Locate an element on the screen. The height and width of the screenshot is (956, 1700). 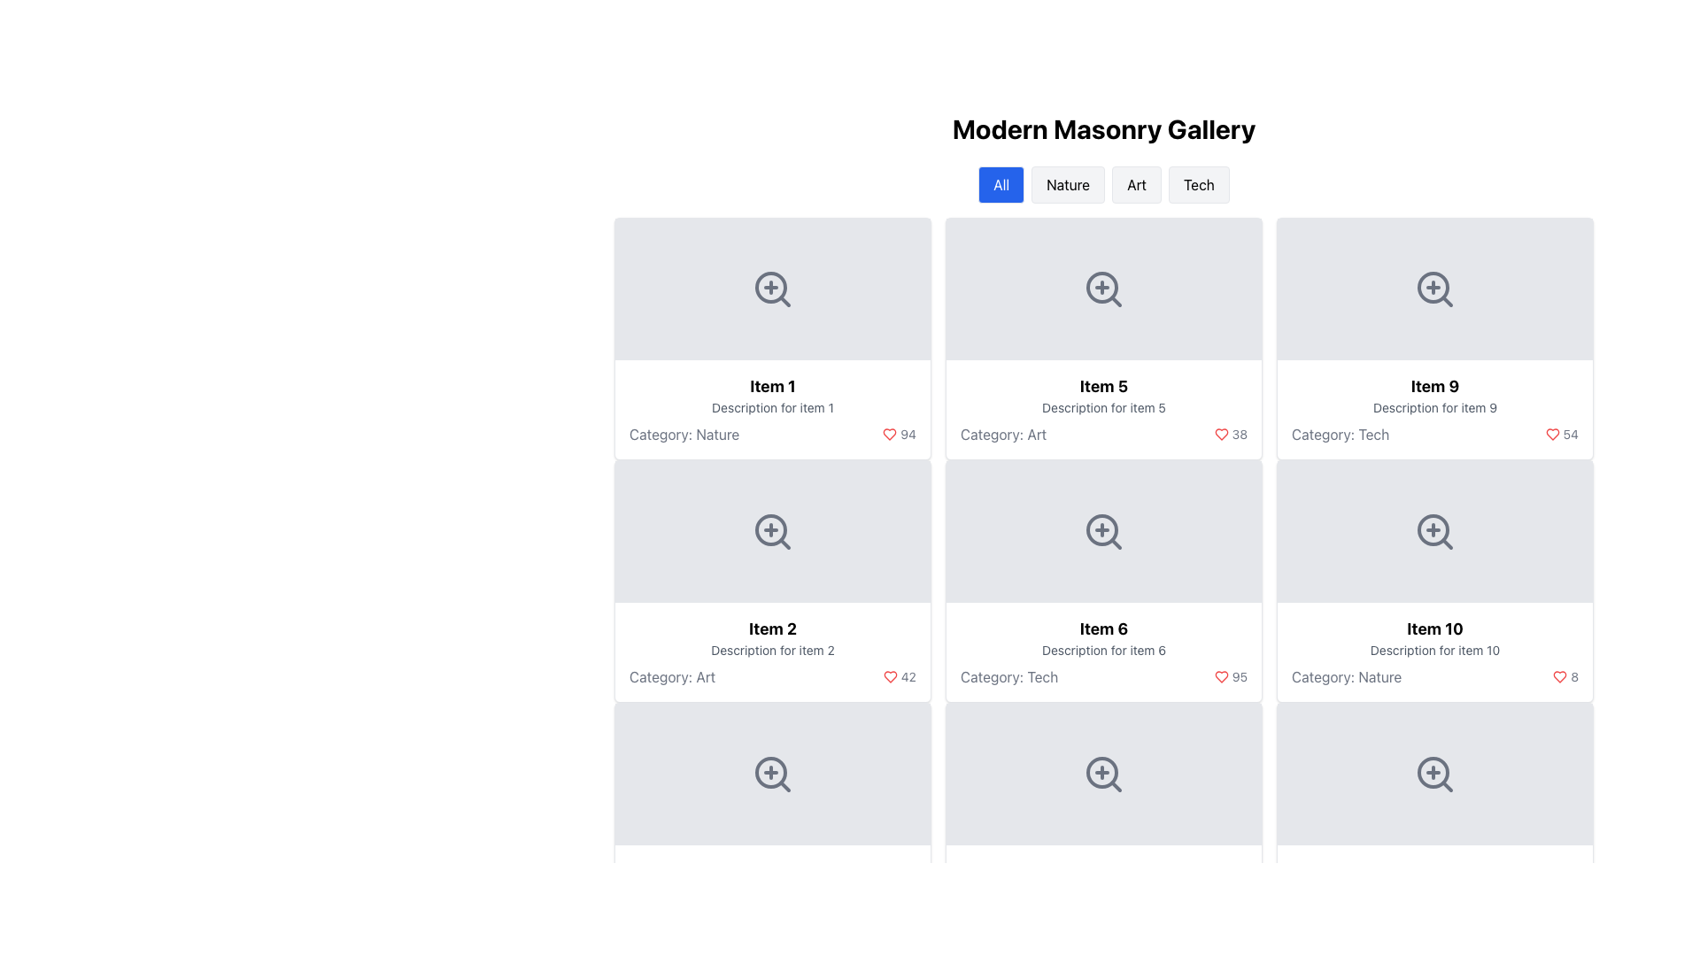
the like icon displaying '95' likes for 'Item 6' located in the lower-right corner of the card in the second column and second row of the grid layout, next to 'Category: Tech' is located at coordinates (1230, 676).